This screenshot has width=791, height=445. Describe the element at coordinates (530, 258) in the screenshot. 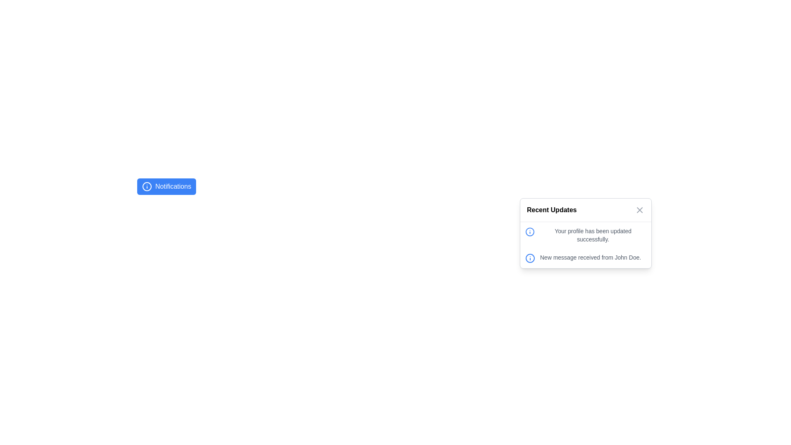

I see `the SVG Circle element that is part of an icon near the 'Notifications' text button by moving the cursor to its center point` at that location.